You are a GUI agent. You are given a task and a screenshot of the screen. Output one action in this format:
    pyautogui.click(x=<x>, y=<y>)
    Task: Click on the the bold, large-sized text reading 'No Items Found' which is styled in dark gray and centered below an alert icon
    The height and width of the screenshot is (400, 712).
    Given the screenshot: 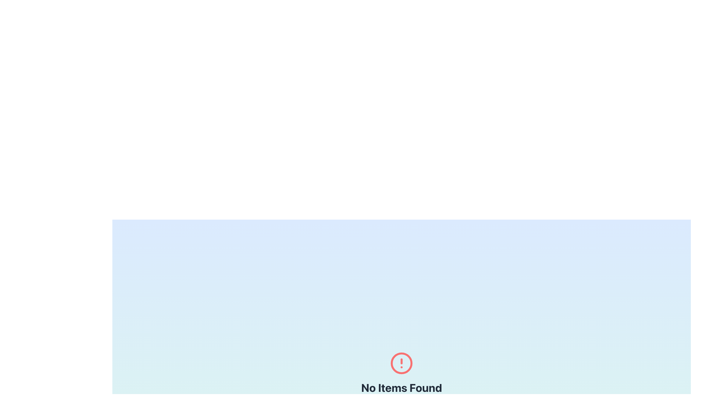 What is the action you would take?
    pyautogui.click(x=401, y=387)
    